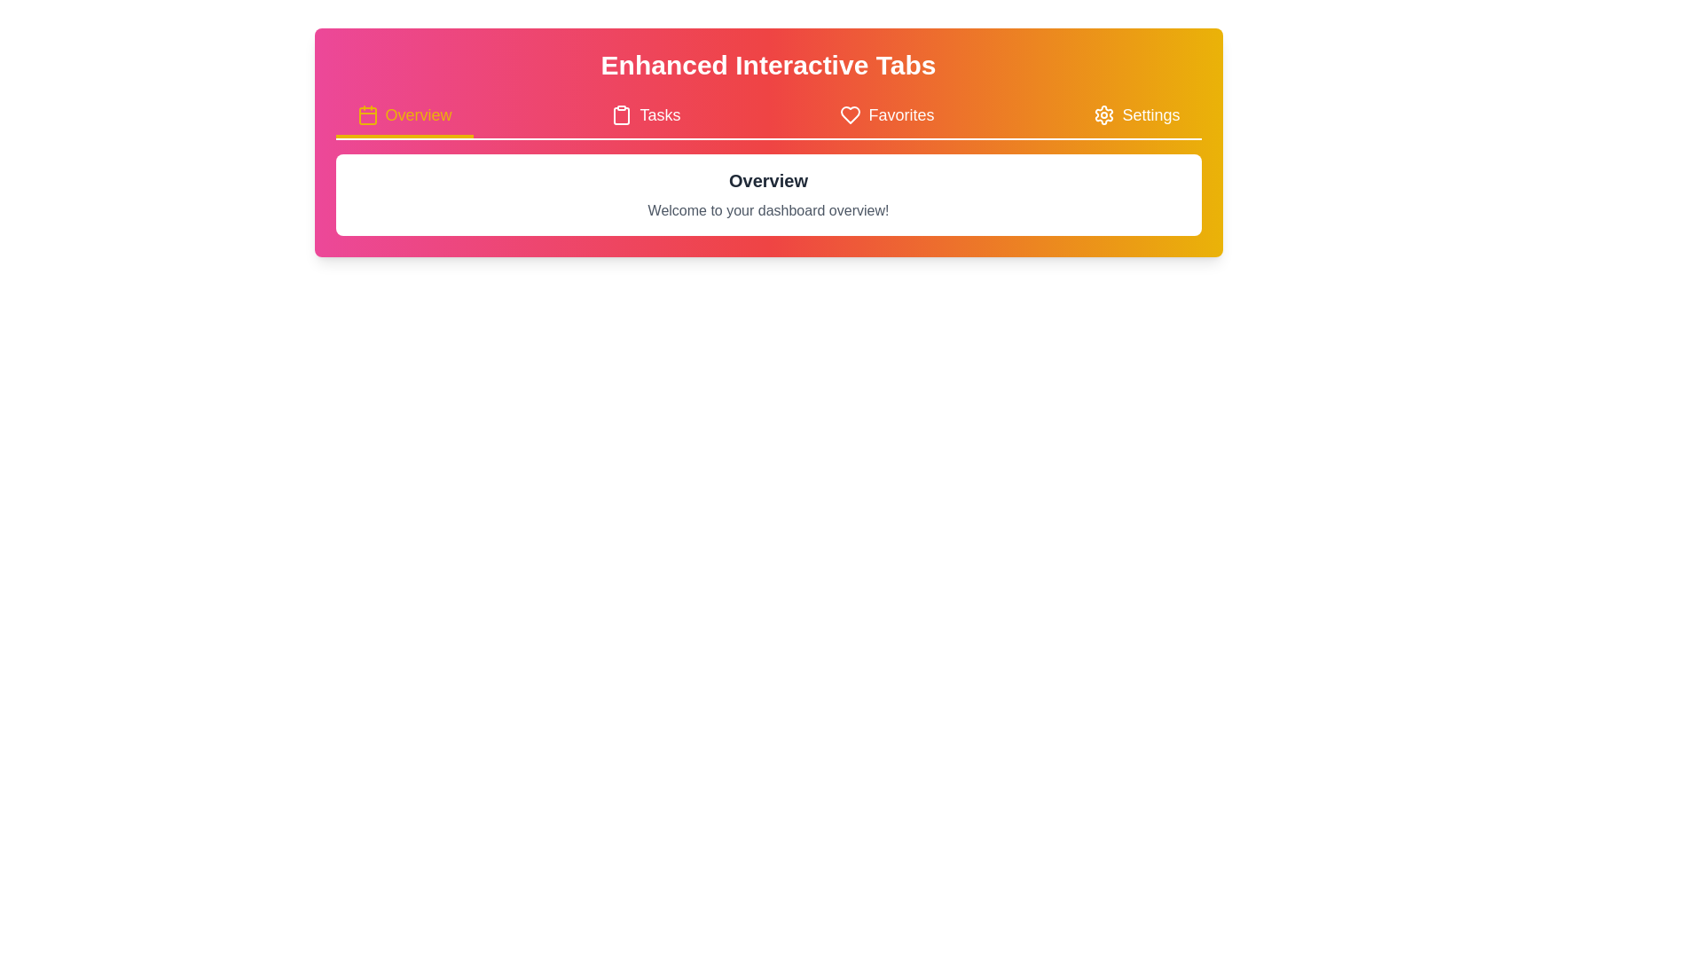 Image resolution: width=1703 pixels, height=958 pixels. Describe the element at coordinates (850, 115) in the screenshot. I see `the heart-shaped icon with a red fill located in the 'Favorites' section of the navigation bar` at that location.